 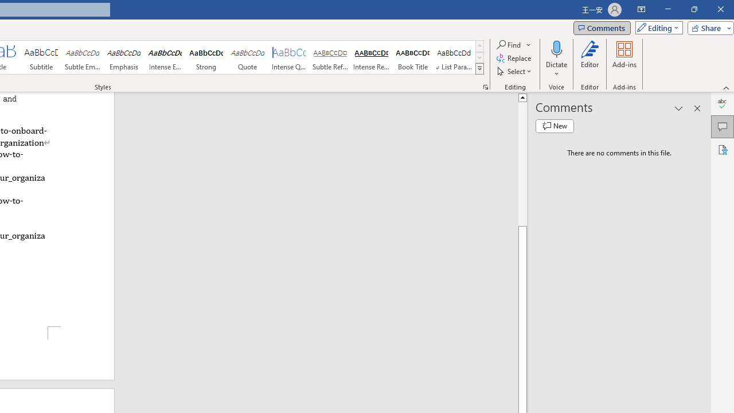 What do you see at coordinates (124, 57) in the screenshot?
I see `'Emphasis'` at bounding box center [124, 57].